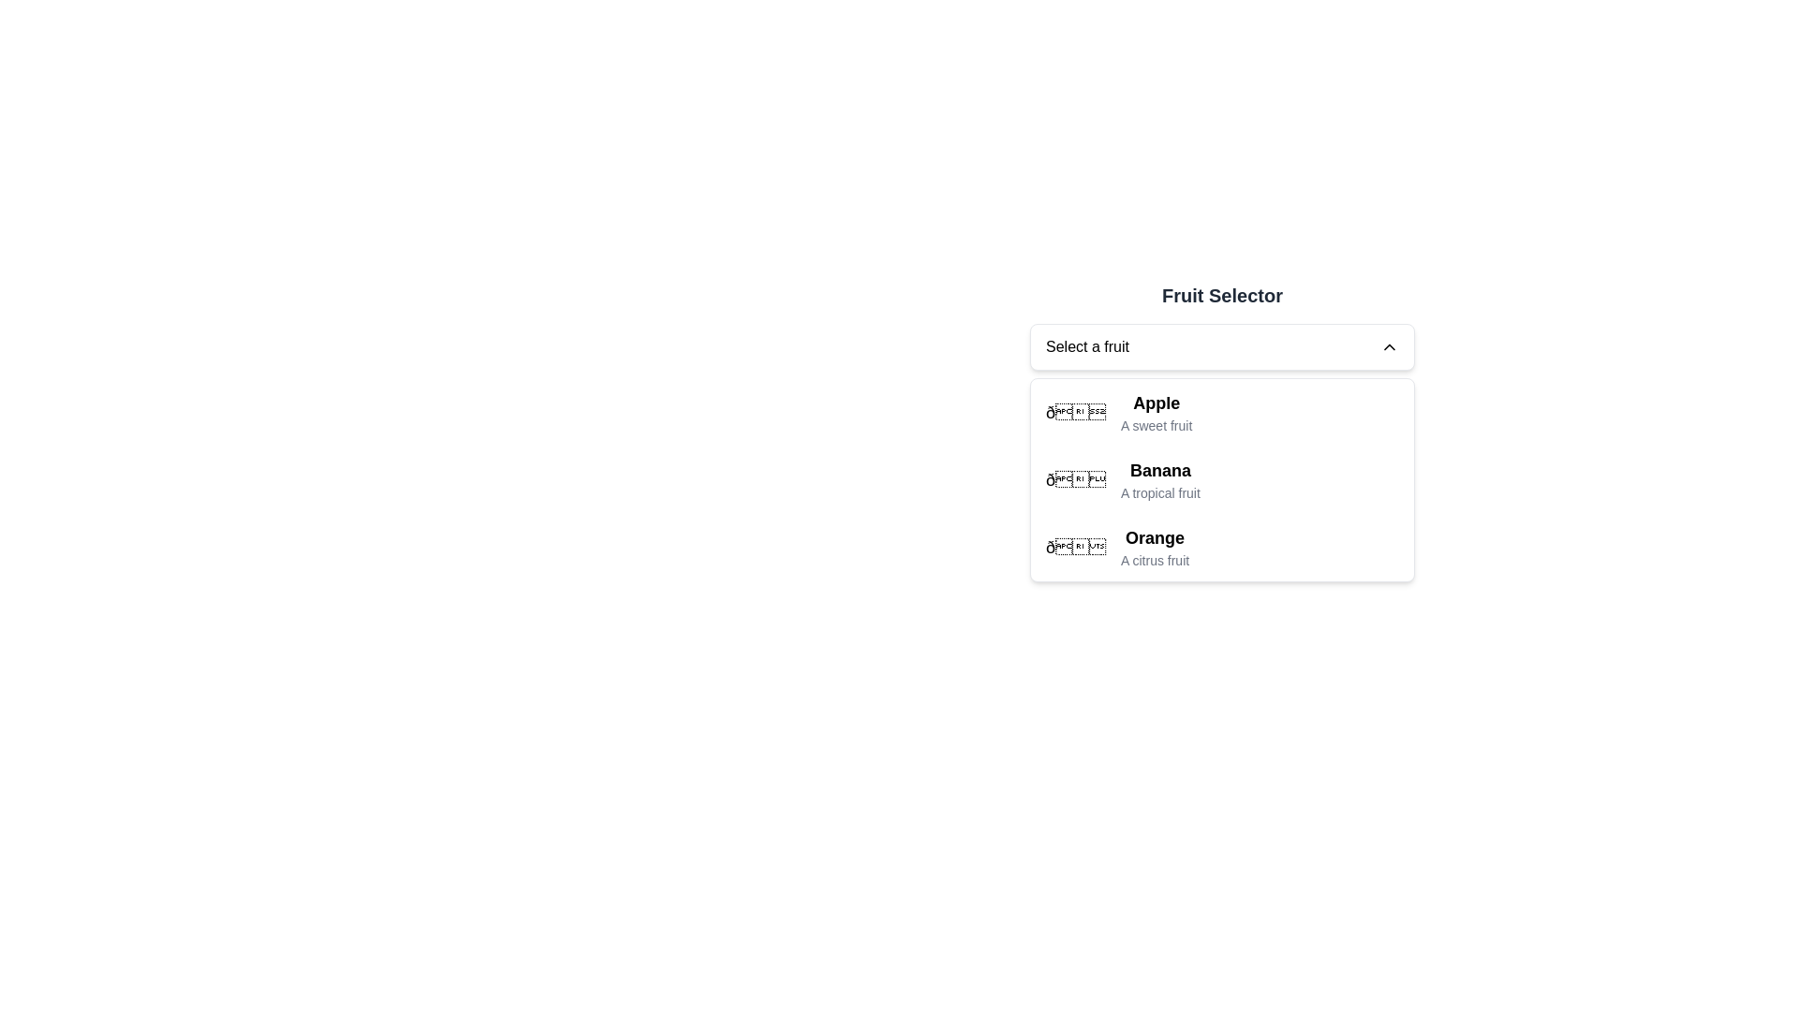 This screenshot has height=1011, width=1798. What do you see at coordinates (1083, 479) in the screenshot?
I see `the icon associated with the 'Banana' list item in the fruit selector drop-down` at bounding box center [1083, 479].